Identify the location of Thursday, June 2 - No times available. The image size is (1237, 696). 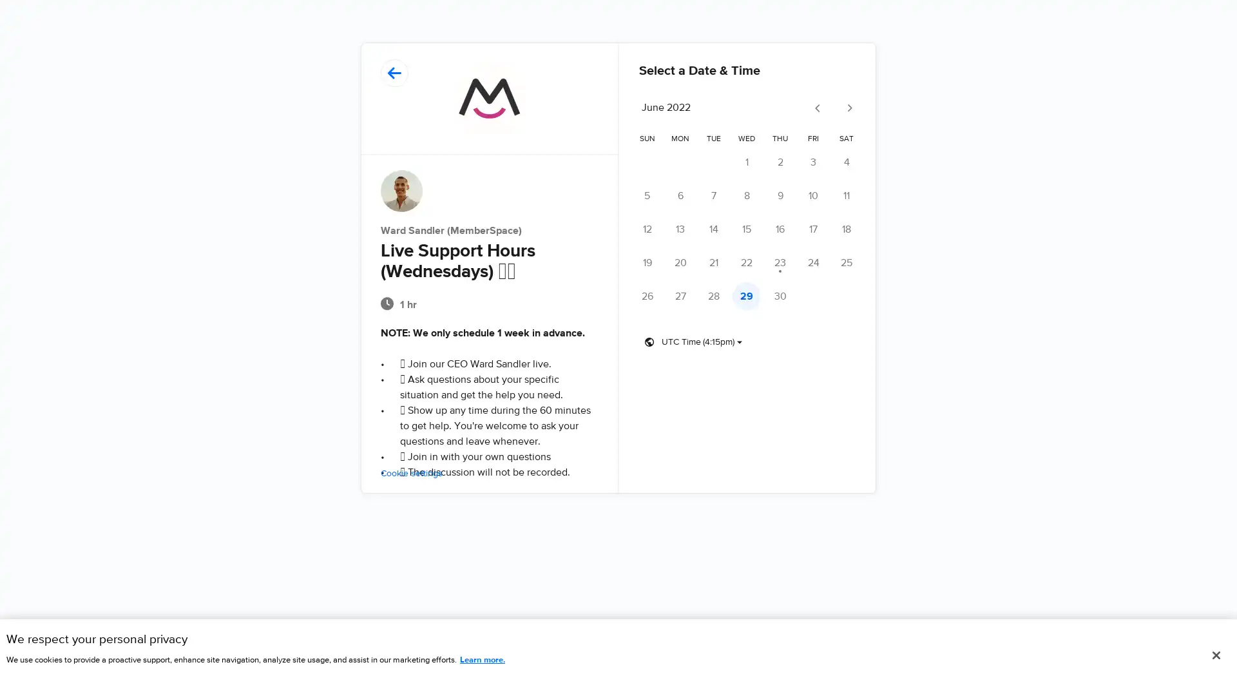
(779, 161).